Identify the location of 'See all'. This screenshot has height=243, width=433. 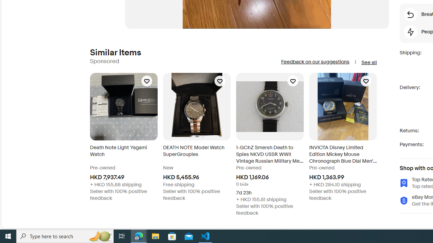
(368, 62).